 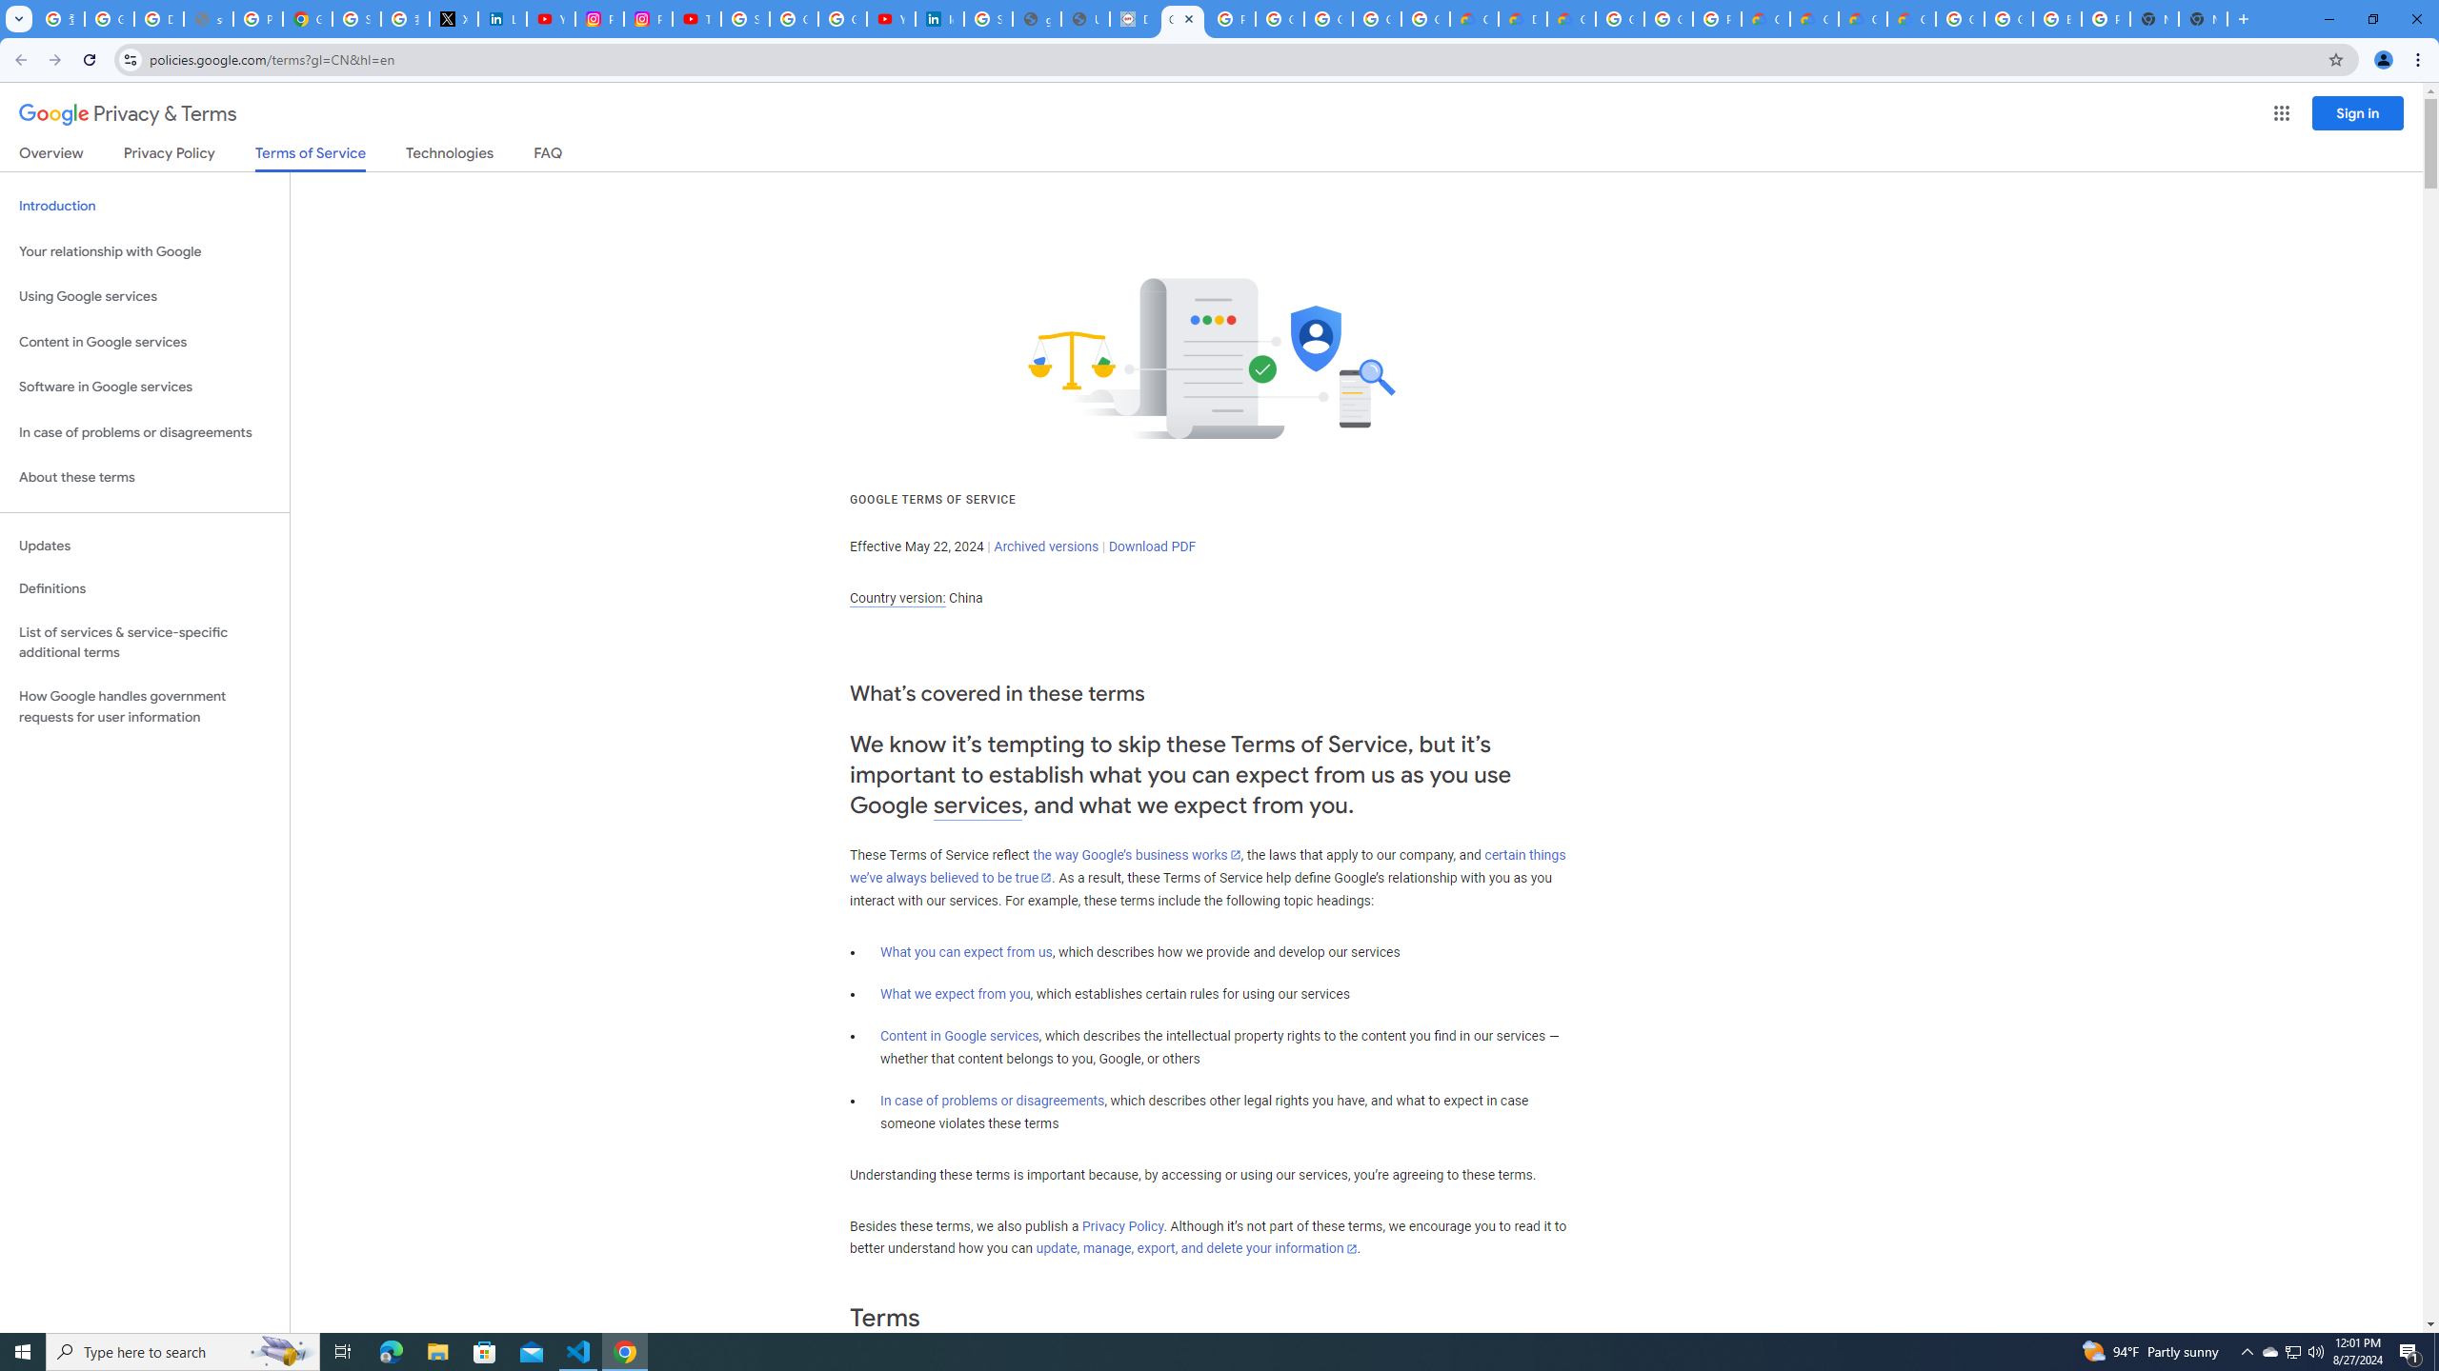 What do you see at coordinates (967, 951) in the screenshot?
I see `'What you can expect from us'` at bounding box center [967, 951].